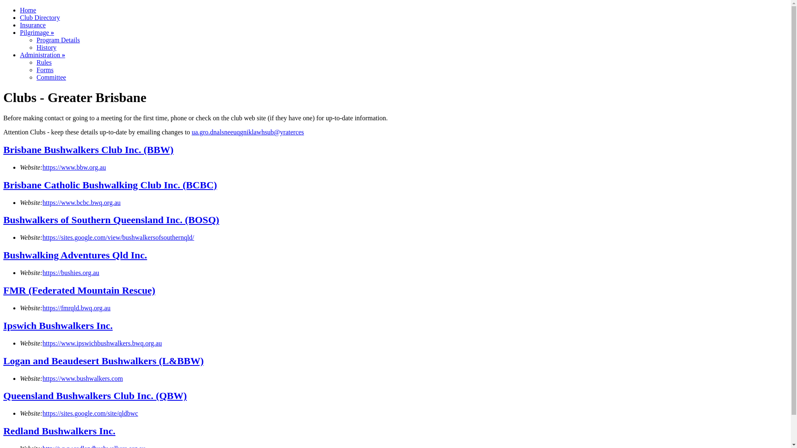 This screenshot has height=448, width=797. I want to click on 'https://www.bbw.org.au', so click(74, 167).